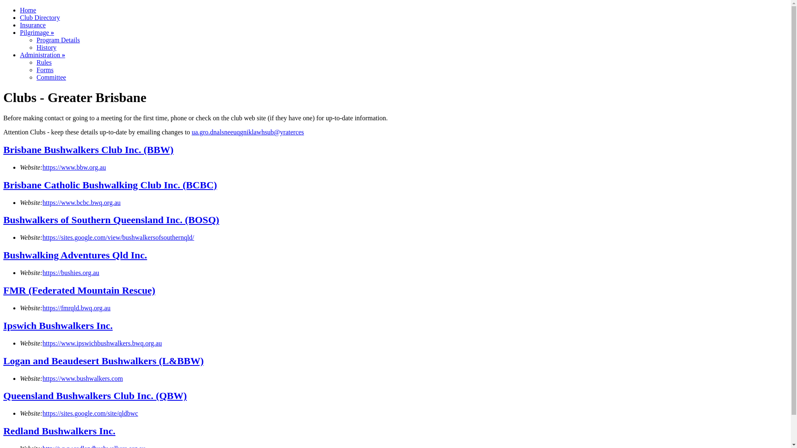 This screenshot has height=448, width=797. I want to click on 'https://www.bbw.org.au', so click(74, 167).